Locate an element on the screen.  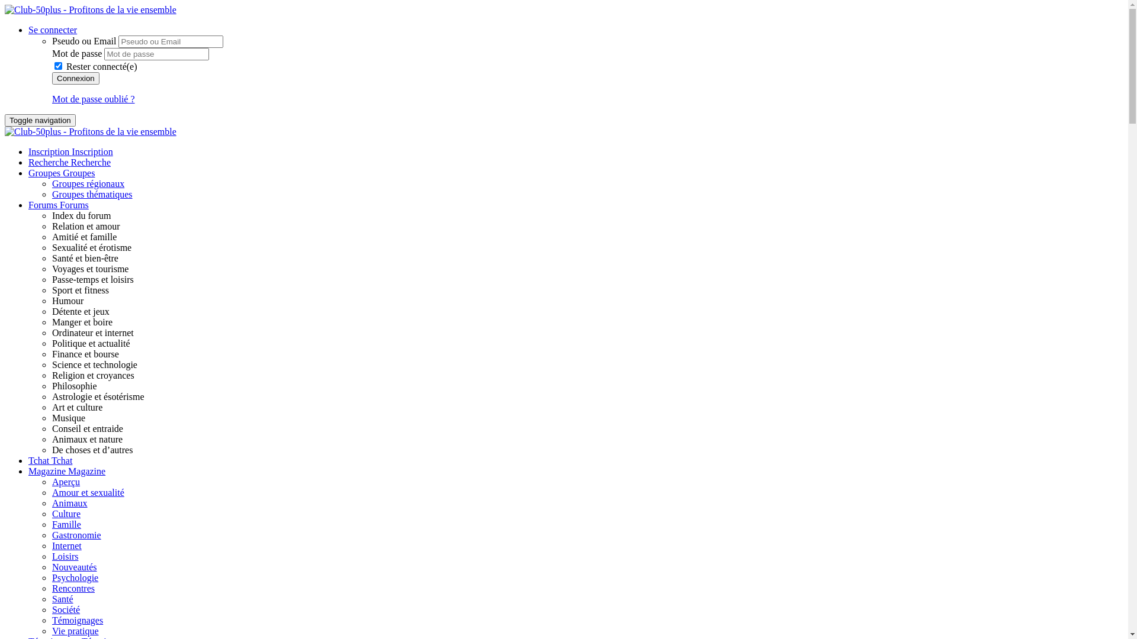
'Forums' is located at coordinates (44, 204).